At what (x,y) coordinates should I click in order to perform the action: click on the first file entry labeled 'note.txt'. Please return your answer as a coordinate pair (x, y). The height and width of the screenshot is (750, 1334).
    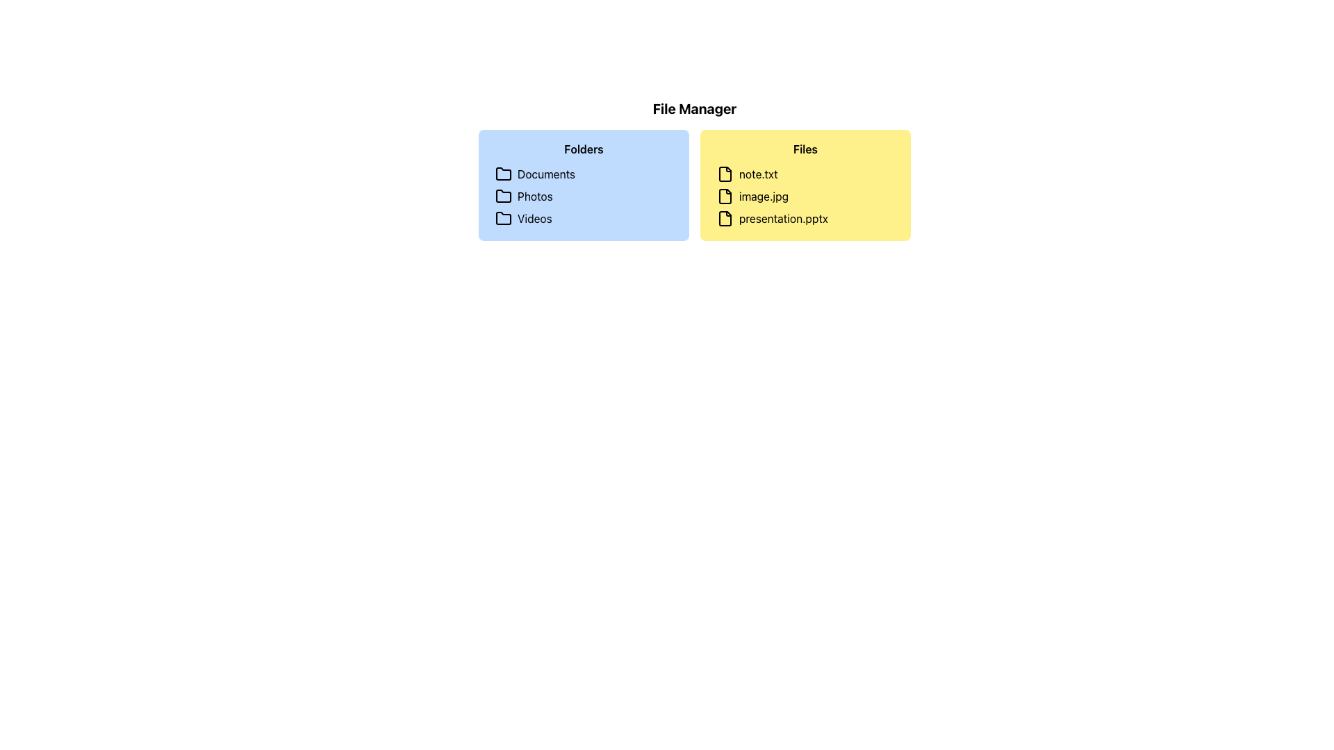
    Looking at the image, I should click on (805, 173).